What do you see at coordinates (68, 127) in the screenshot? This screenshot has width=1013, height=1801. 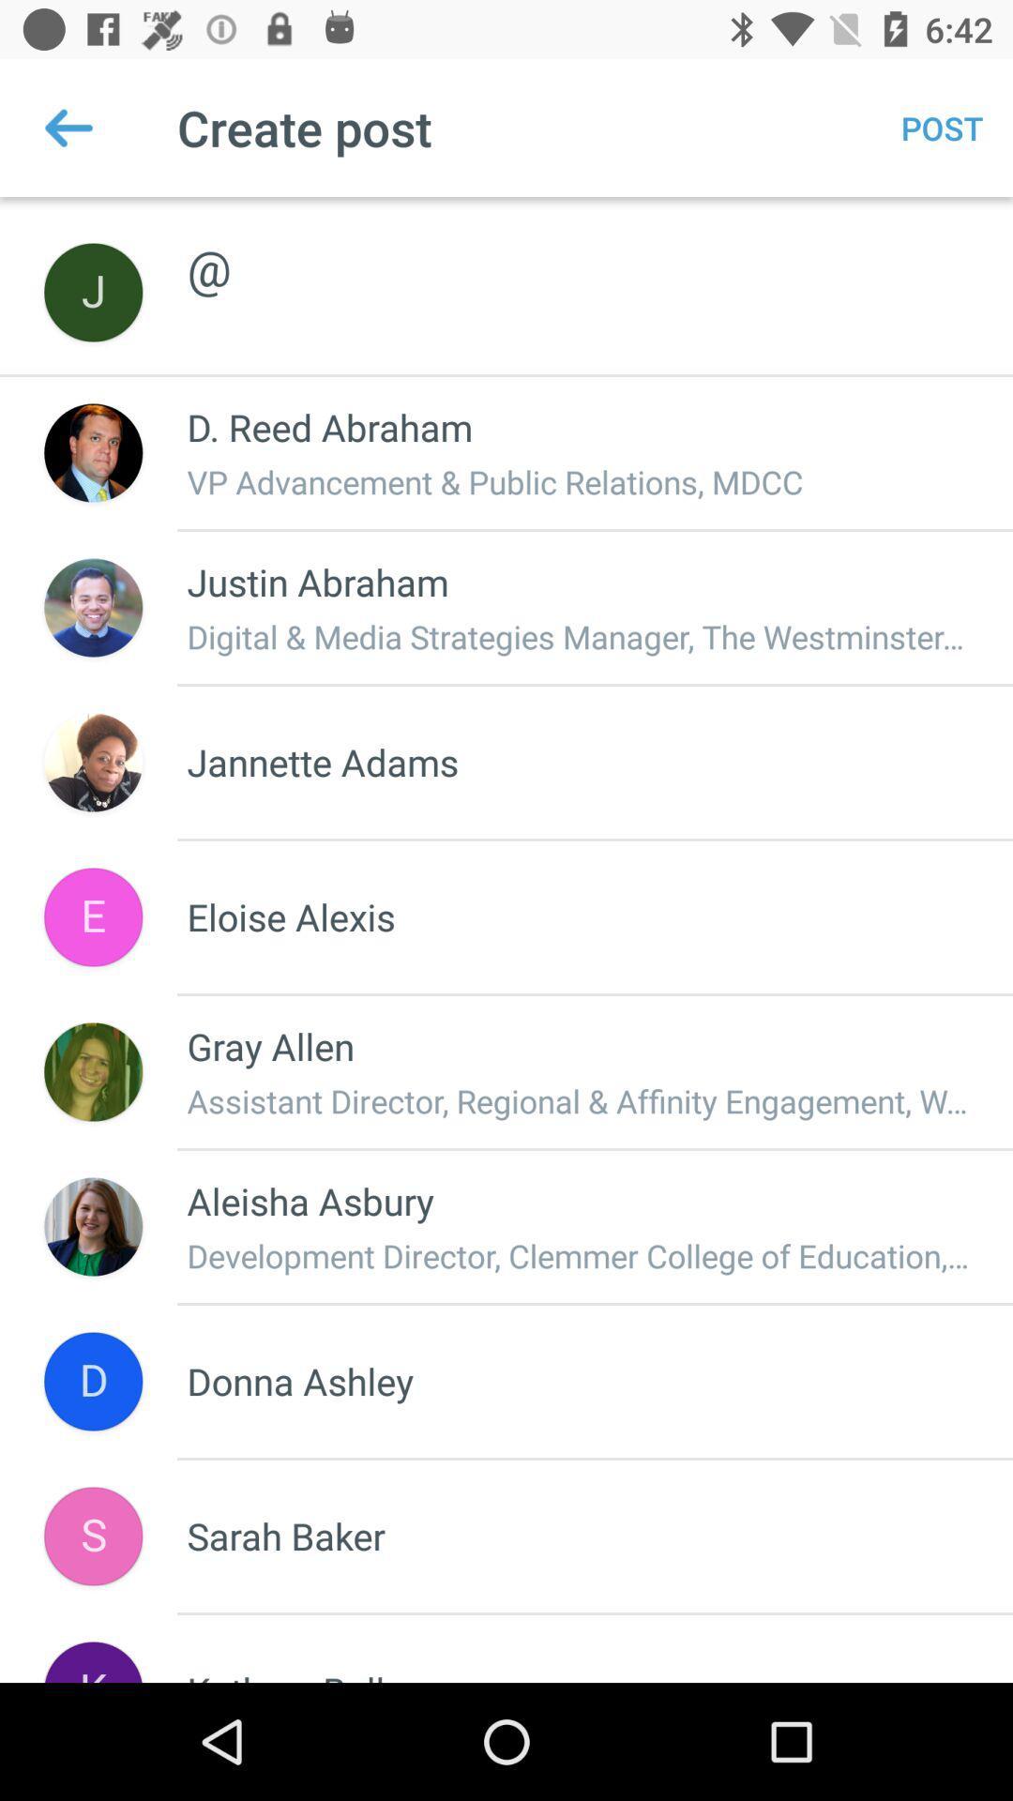 I see `icon next to the create post item` at bounding box center [68, 127].